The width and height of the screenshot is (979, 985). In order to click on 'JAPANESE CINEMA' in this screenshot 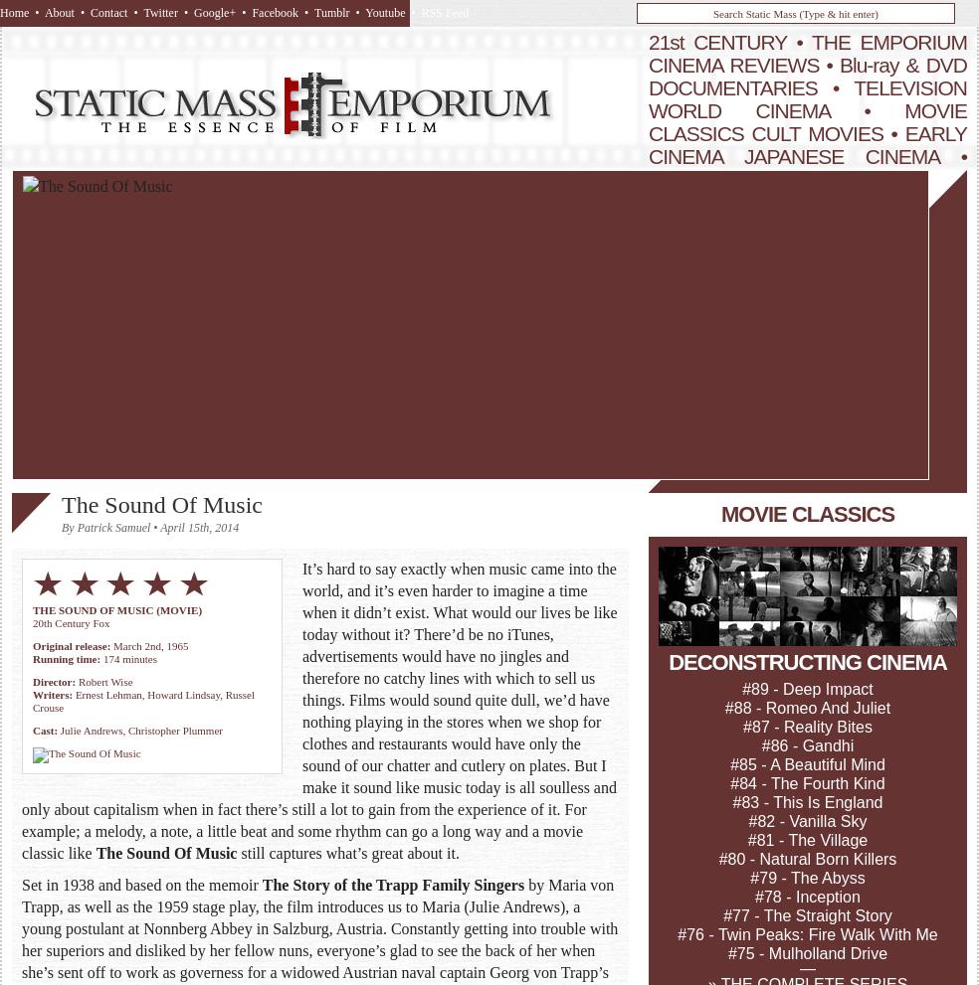, I will do `click(841, 156)`.